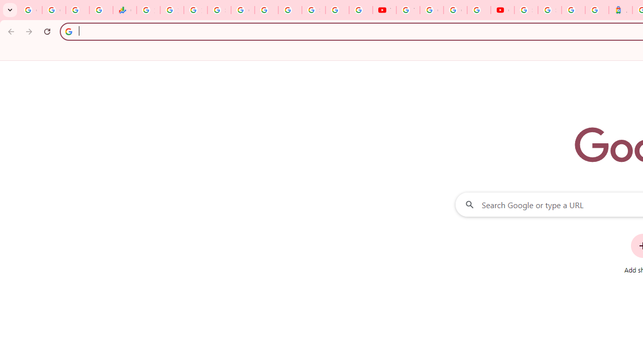 The width and height of the screenshot is (643, 362). I want to click on 'YouTube', so click(408, 10).